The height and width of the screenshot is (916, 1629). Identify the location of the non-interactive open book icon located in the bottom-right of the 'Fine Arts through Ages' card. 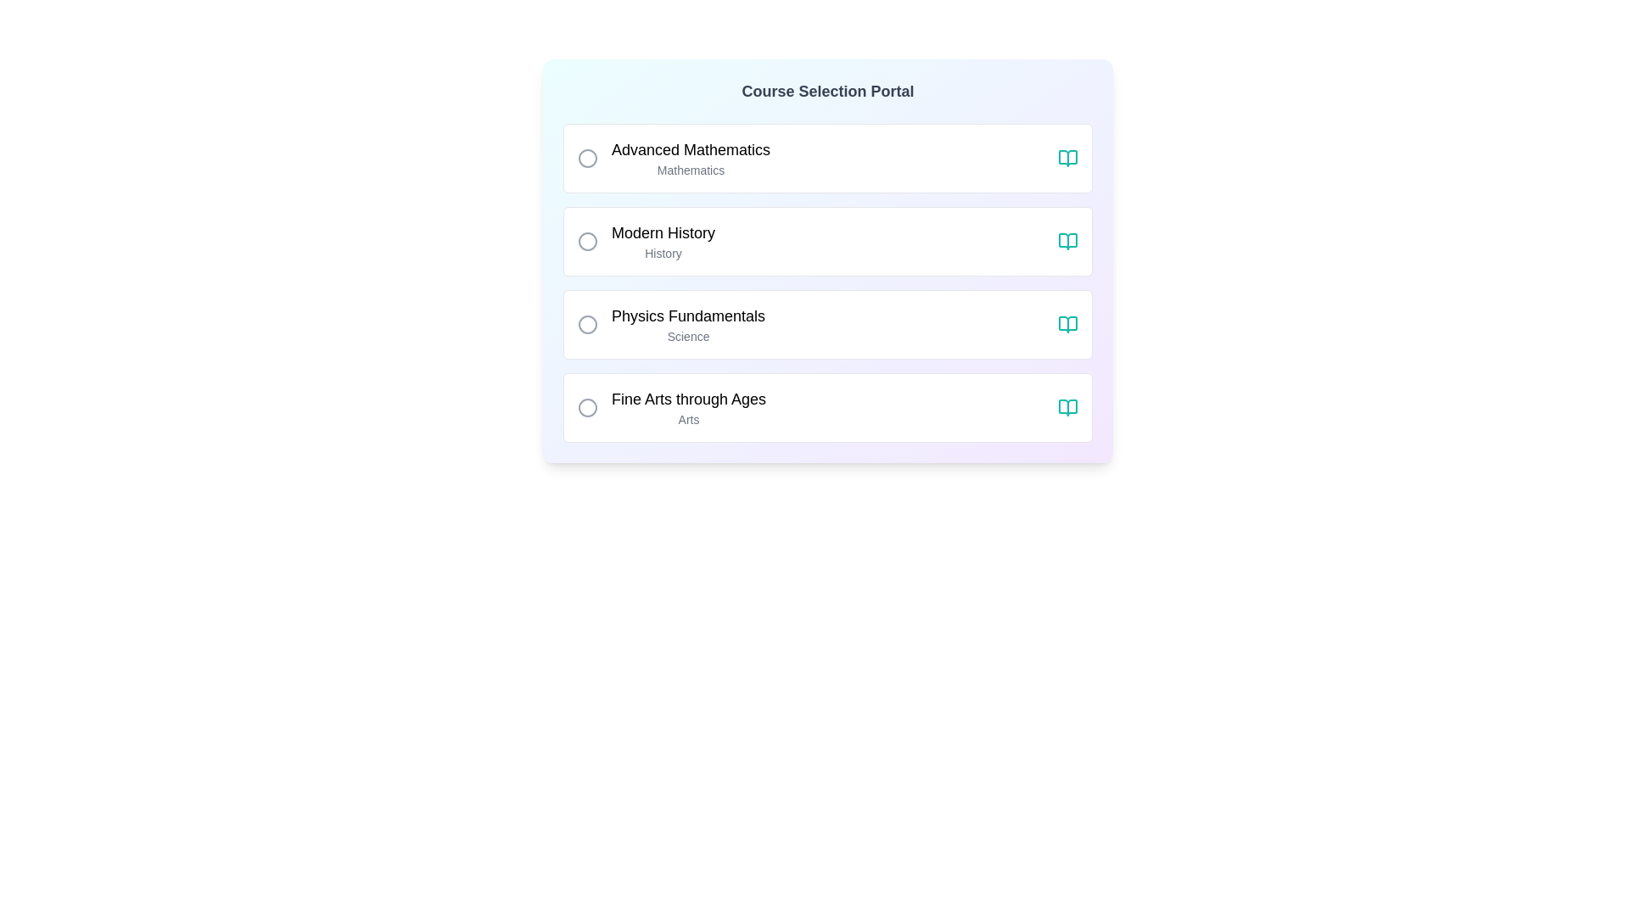
(1066, 408).